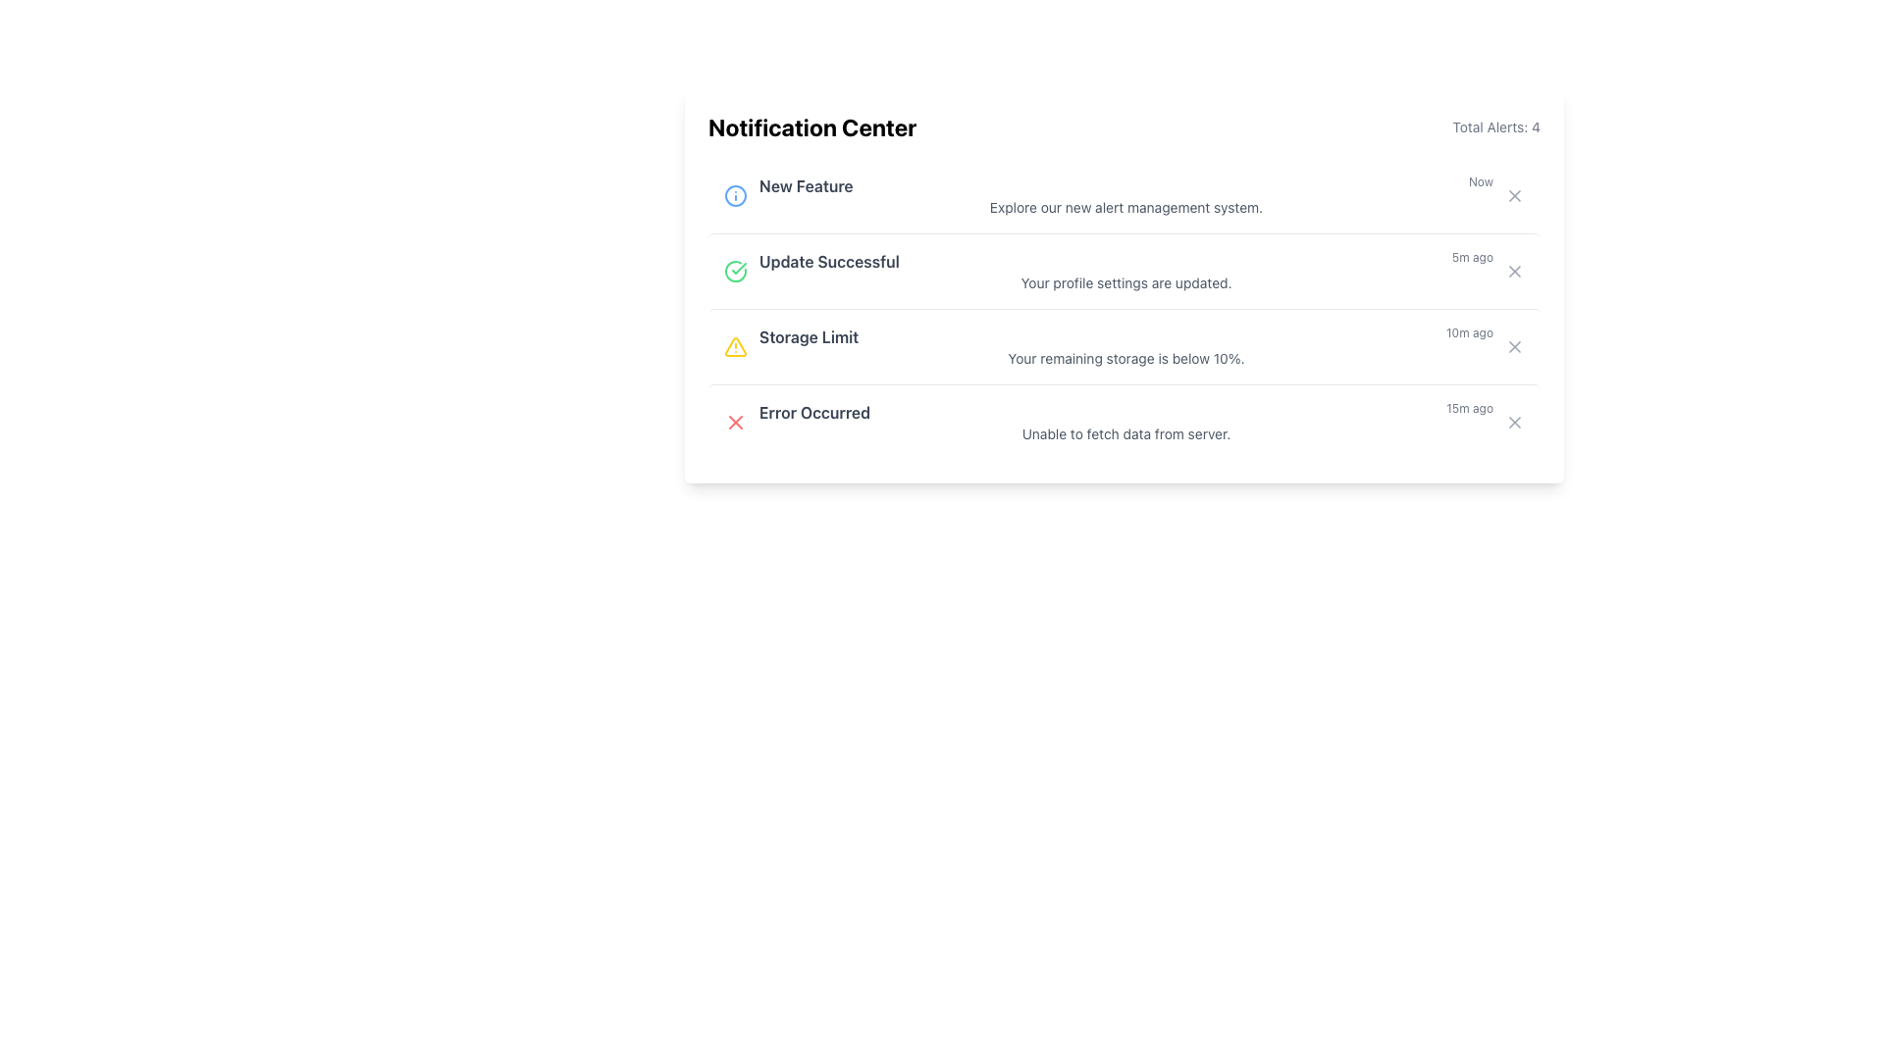 This screenshot has width=1884, height=1059. Describe the element at coordinates (814, 411) in the screenshot. I see `the bold grayish 'Error Occurred' text in the notification panel` at that location.